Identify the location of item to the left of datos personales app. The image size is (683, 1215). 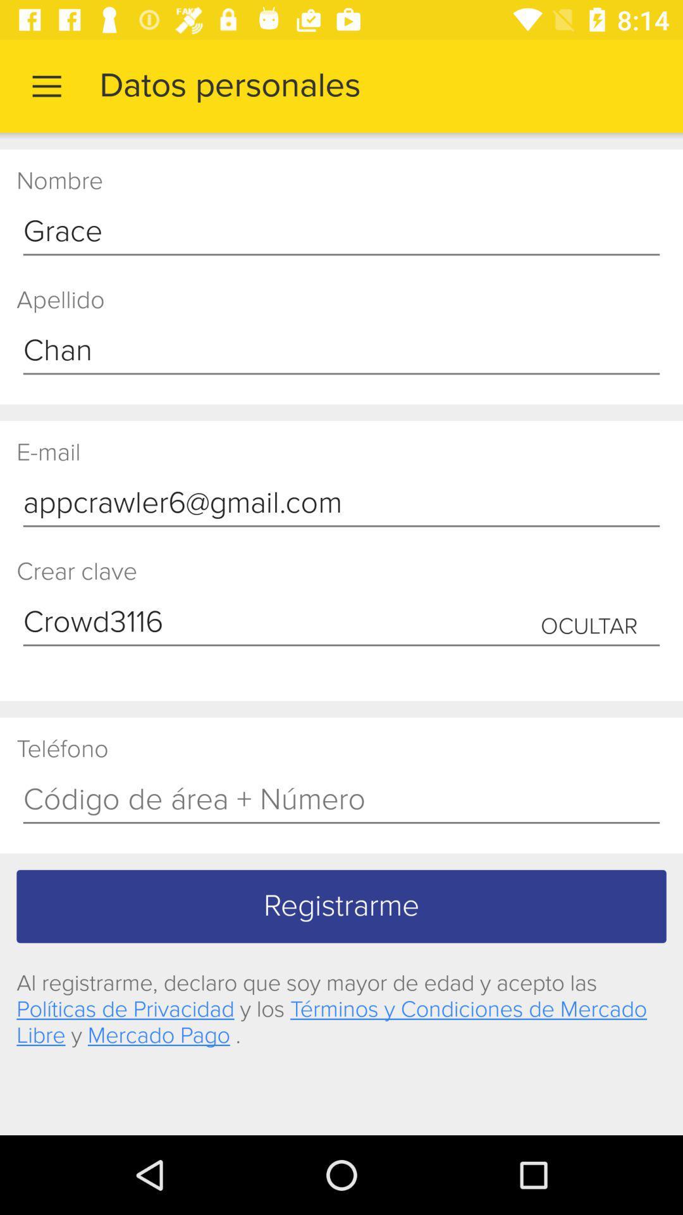
(46, 85).